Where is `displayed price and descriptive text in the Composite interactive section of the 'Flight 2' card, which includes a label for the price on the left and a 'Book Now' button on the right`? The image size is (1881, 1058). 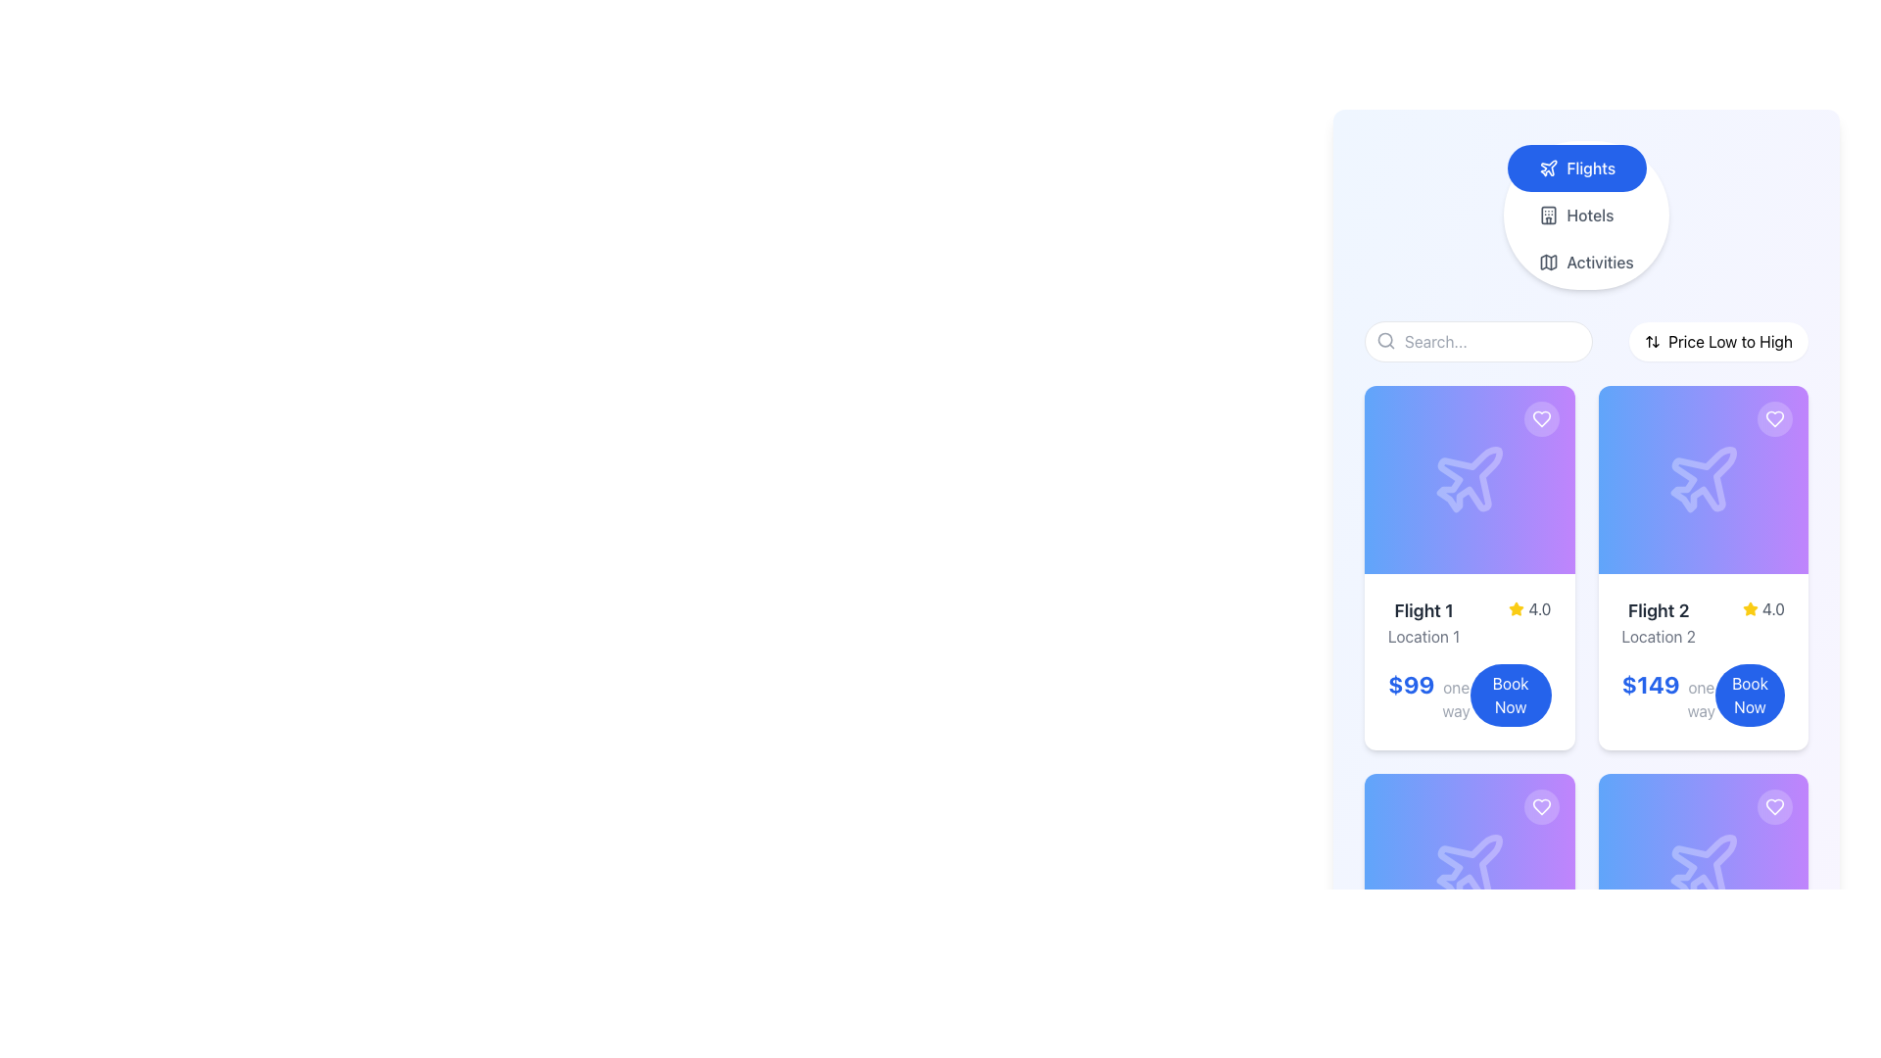
displayed price and descriptive text in the Composite interactive section of the 'Flight 2' card, which includes a label for the price on the left and a 'Book Now' button on the right is located at coordinates (1702, 694).